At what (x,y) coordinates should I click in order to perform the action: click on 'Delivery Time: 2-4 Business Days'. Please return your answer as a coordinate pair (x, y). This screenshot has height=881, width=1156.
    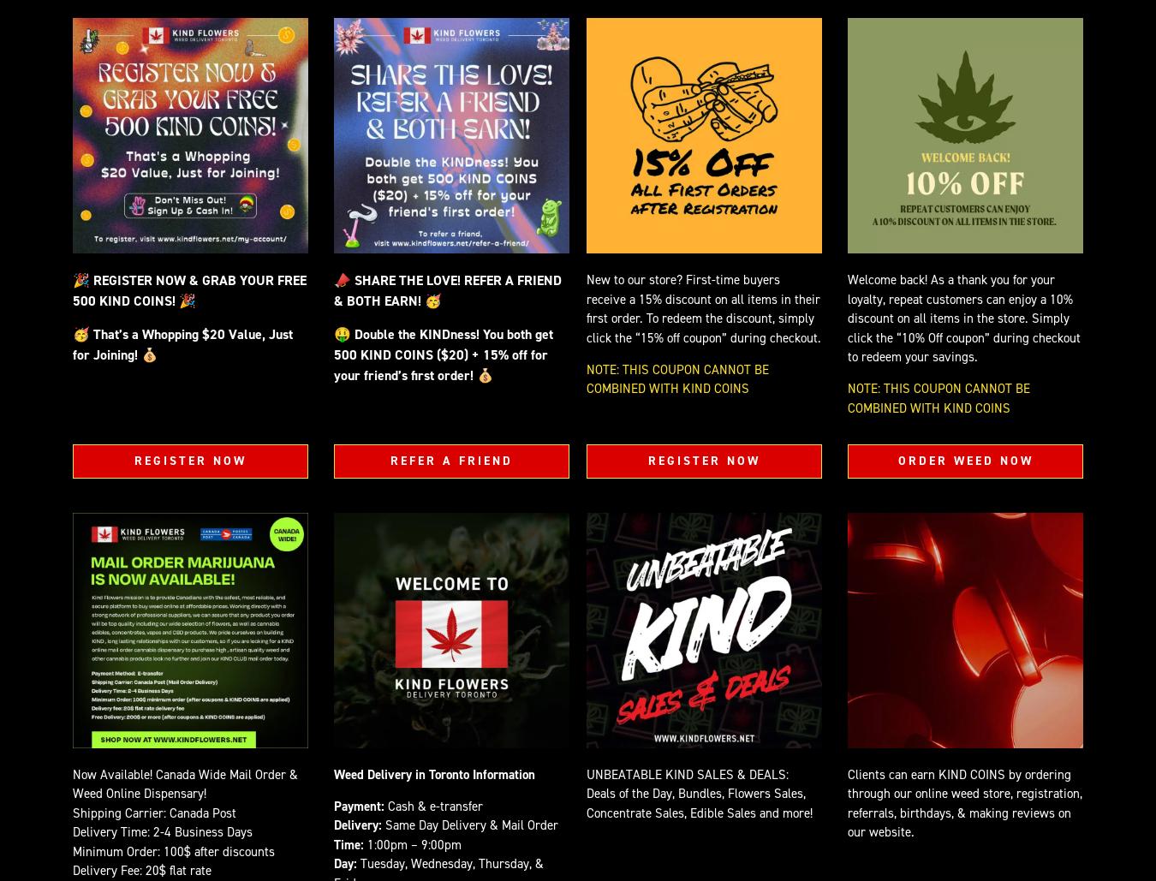
    Looking at the image, I should click on (162, 830).